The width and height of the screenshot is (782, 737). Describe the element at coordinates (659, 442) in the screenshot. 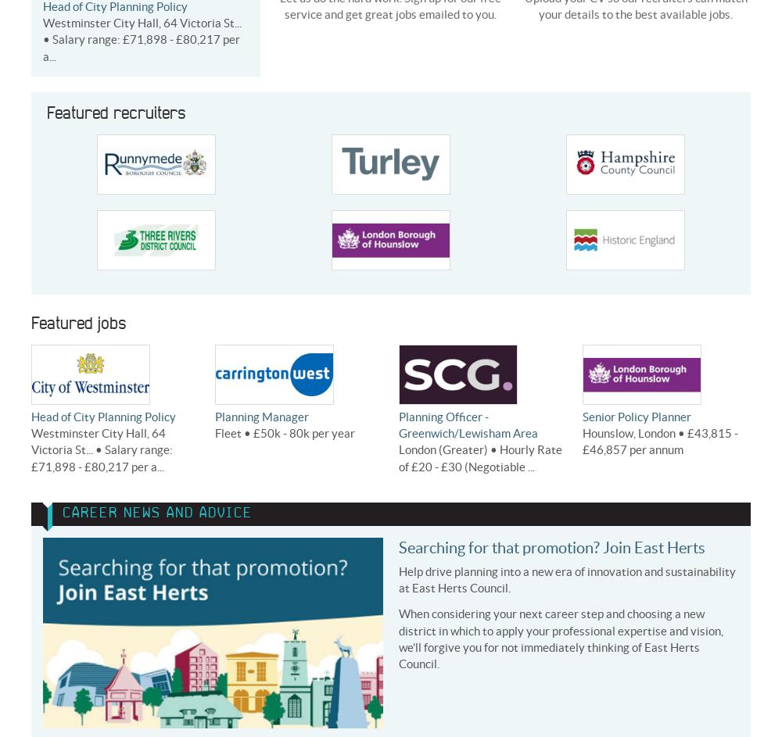

I see `'£43,815 - £46,857 per annum'` at that location.